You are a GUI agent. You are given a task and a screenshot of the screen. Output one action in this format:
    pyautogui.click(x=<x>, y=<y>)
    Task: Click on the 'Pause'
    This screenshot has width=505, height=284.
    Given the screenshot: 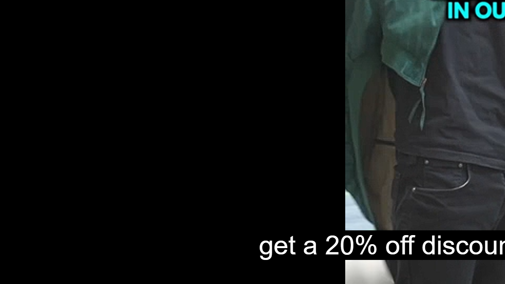 What is the action you would take?
    pyautogui.click(x=12, y=275)
    